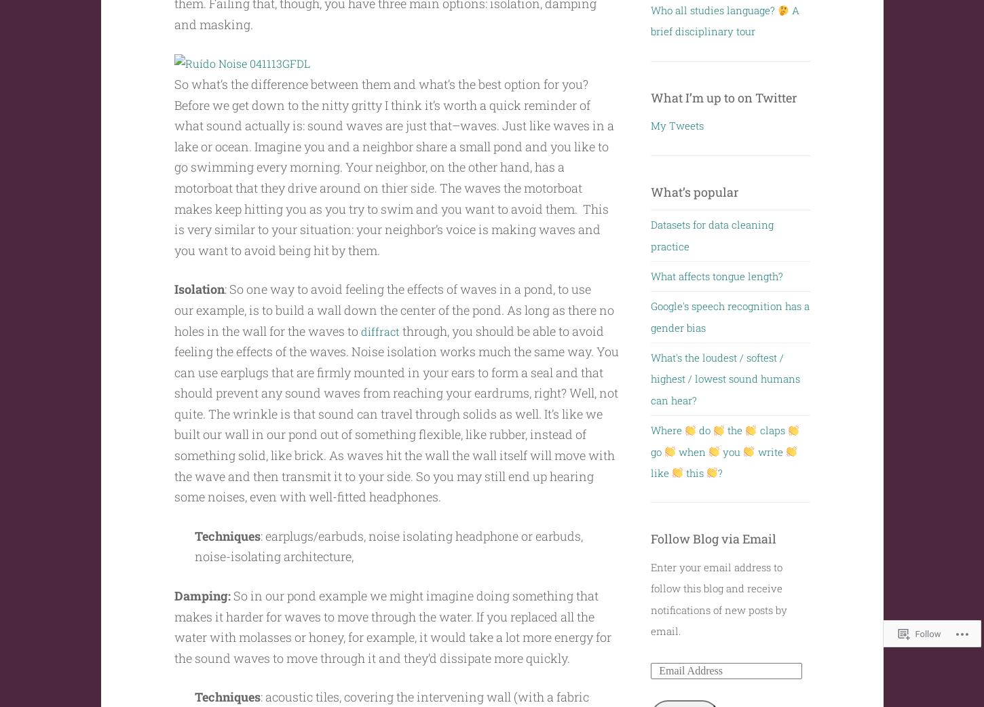  What do you see at coordinates (392, 626) in the screenshot?
I see `'So in our pond example we might imagine doing something that makes it harder for waves to move through the water. If you replaced all the water with molasses or honey, for example, it would take a lot more energy for the sound waves to move through it and they’d dissipate more quickly.'` at bounding box center [392, 626].